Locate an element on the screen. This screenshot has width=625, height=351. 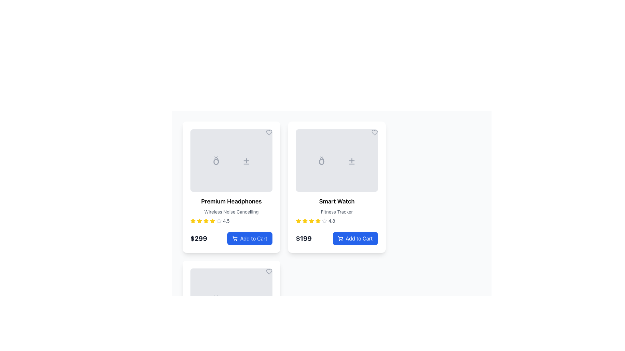
the fifth star icon is located at coordinates (311, 220).